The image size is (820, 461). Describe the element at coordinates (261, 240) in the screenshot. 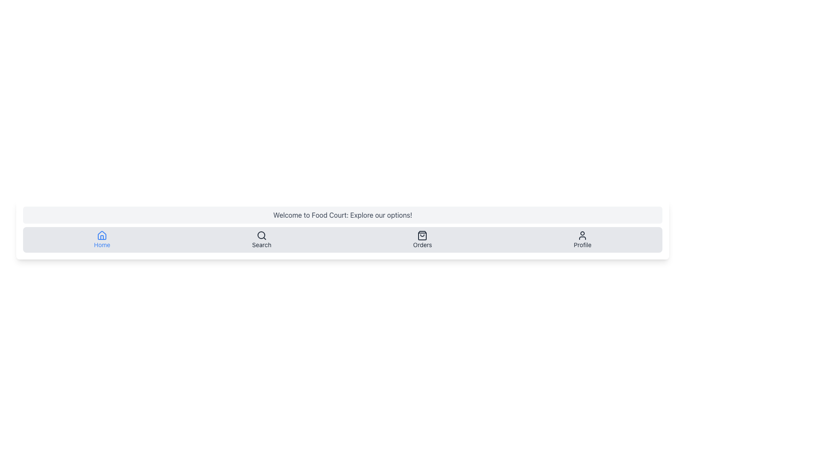

I see `the navigation button with an icon and text label for the search feature, located in the menu bar near the bottom of the page` at that location.